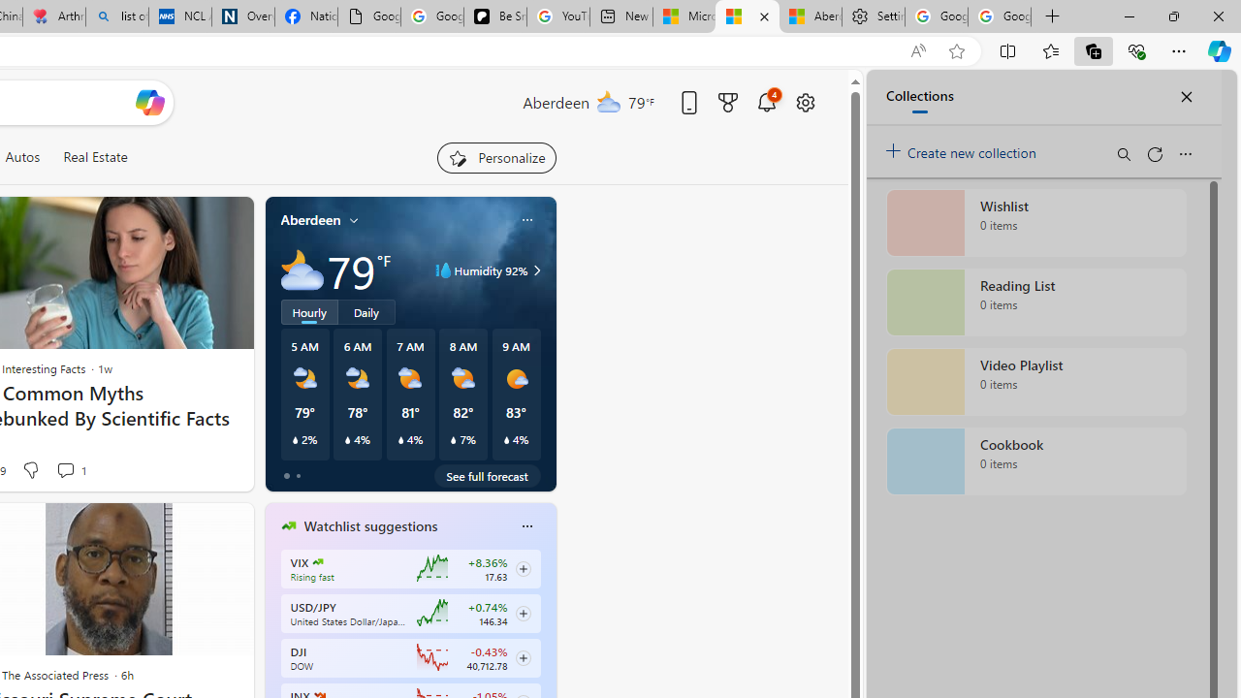 The width and height of the screenshot is (1241, 698). Describe the element at coordinates (805, 102) in the screenshot. I see `'Open settings'` at that location.